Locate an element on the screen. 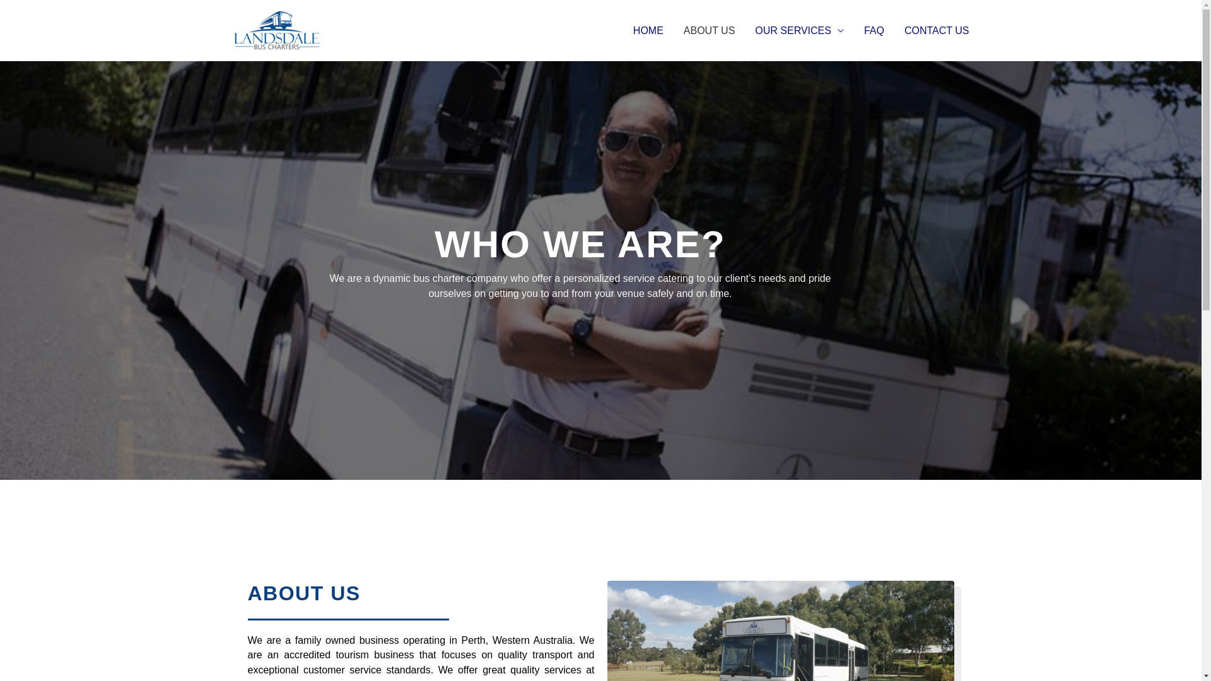  'FAQ' is located at coordinates (874, 29).